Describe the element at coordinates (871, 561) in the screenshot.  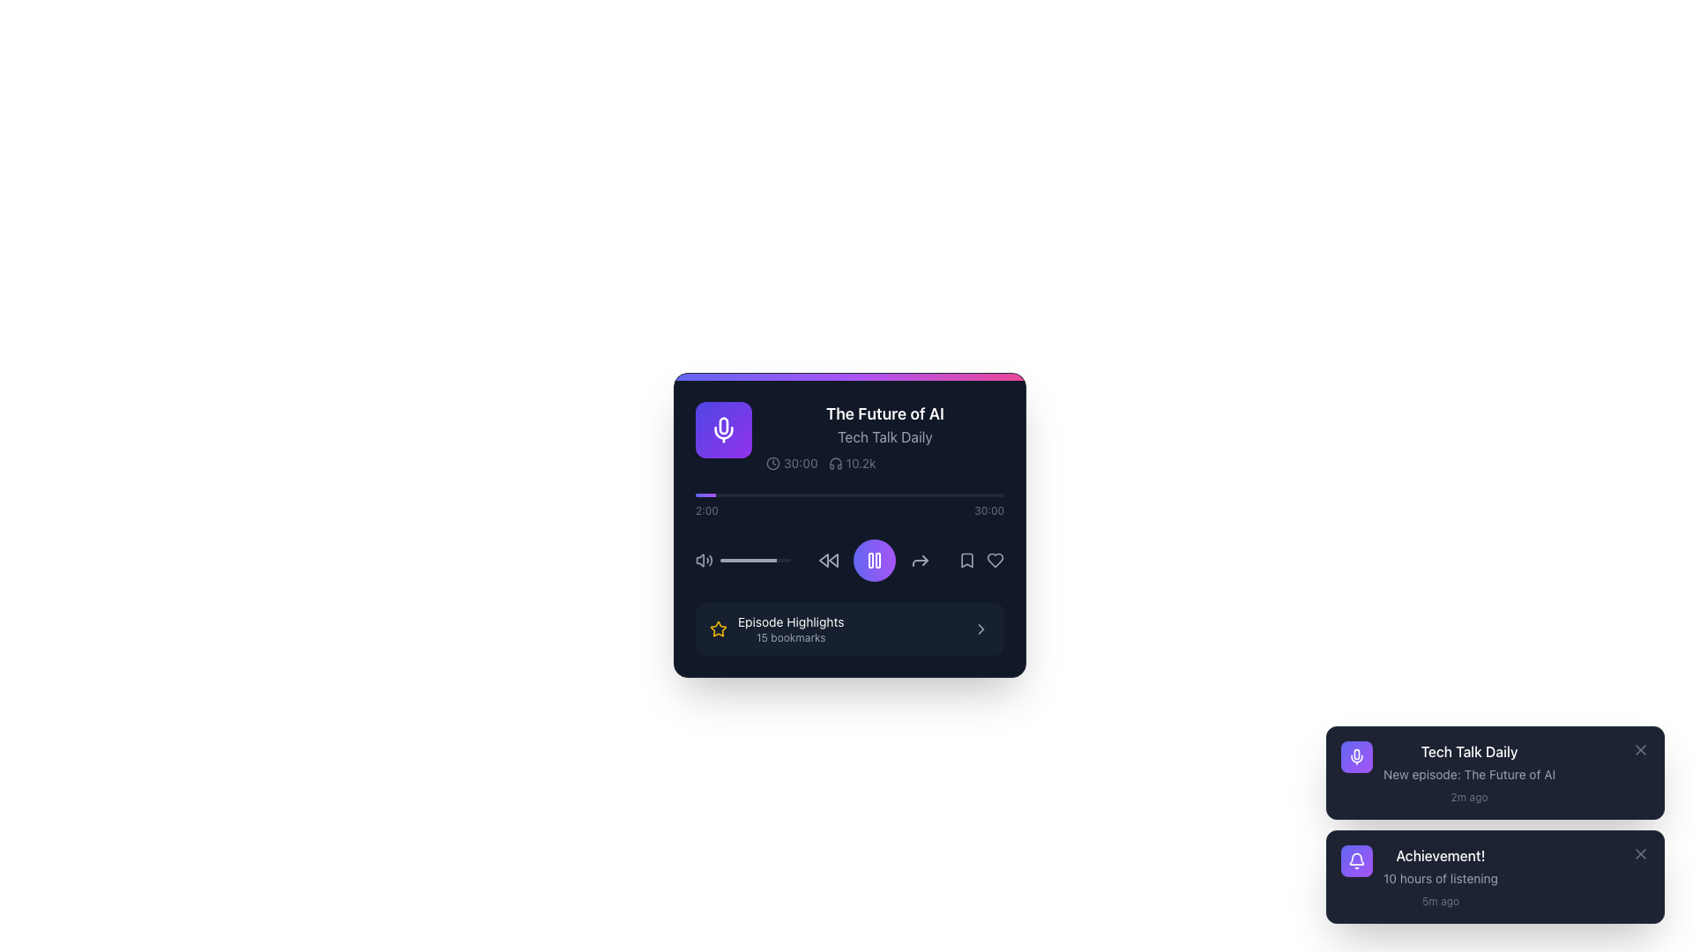
I see `the first vertical bar of the pause symbol within the circular button in the media control section` at that location.